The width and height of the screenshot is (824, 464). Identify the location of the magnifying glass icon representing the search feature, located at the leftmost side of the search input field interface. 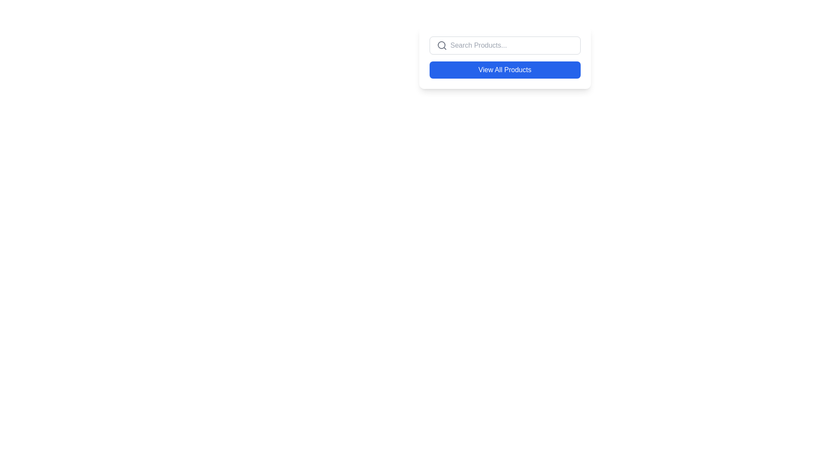
(442, 45).